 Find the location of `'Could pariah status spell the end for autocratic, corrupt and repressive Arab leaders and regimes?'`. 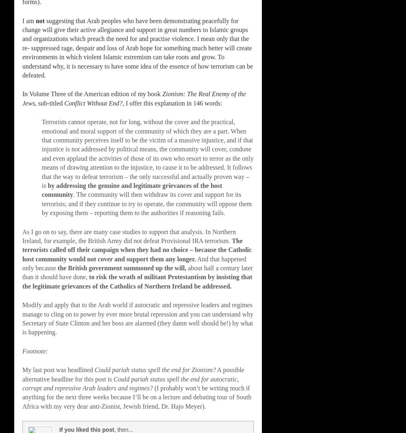

'Could pariah status spell the end for autocratic, corrupt and repressive Arab leaders and regimes?' is located at coordinates (130, 383).